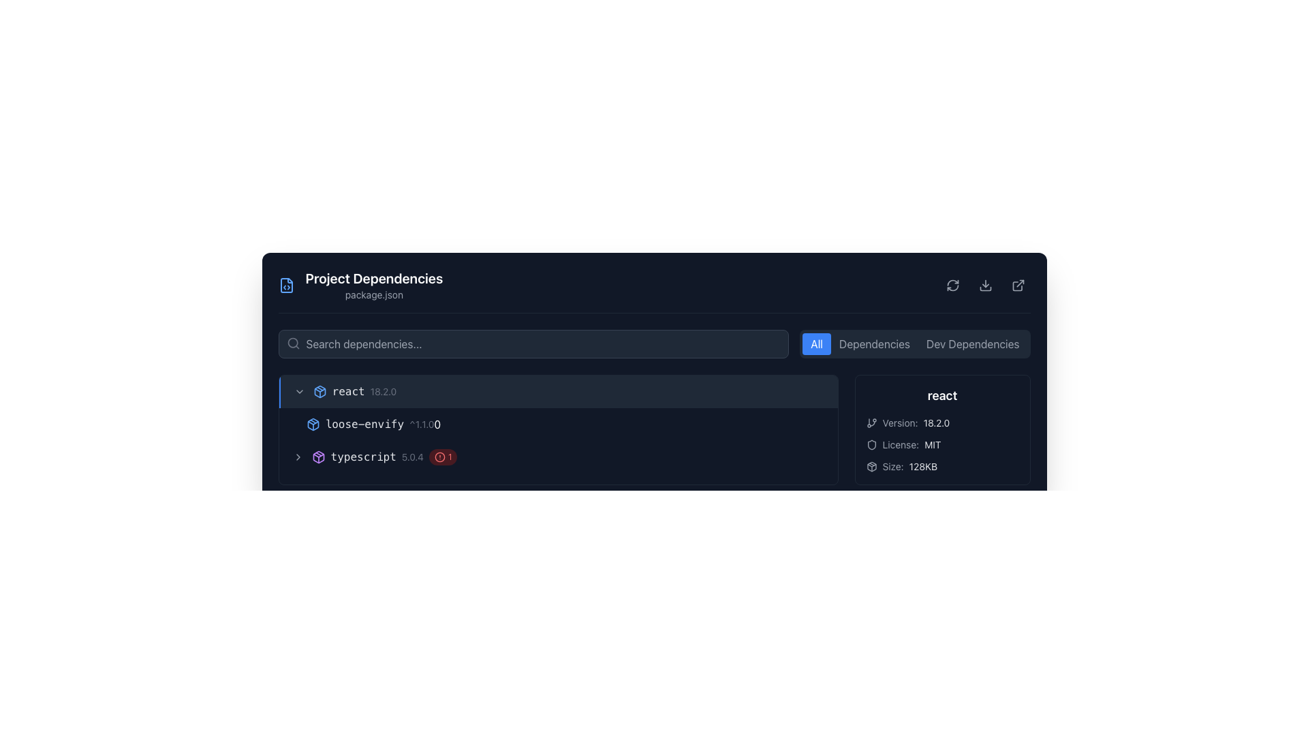 The height and width of the screenshot is (736, 1308). I want to click on the UI section header indicating 'Project Dependencies' related to 'package.json', located in the top-left section of the interface, so click(360, 285).